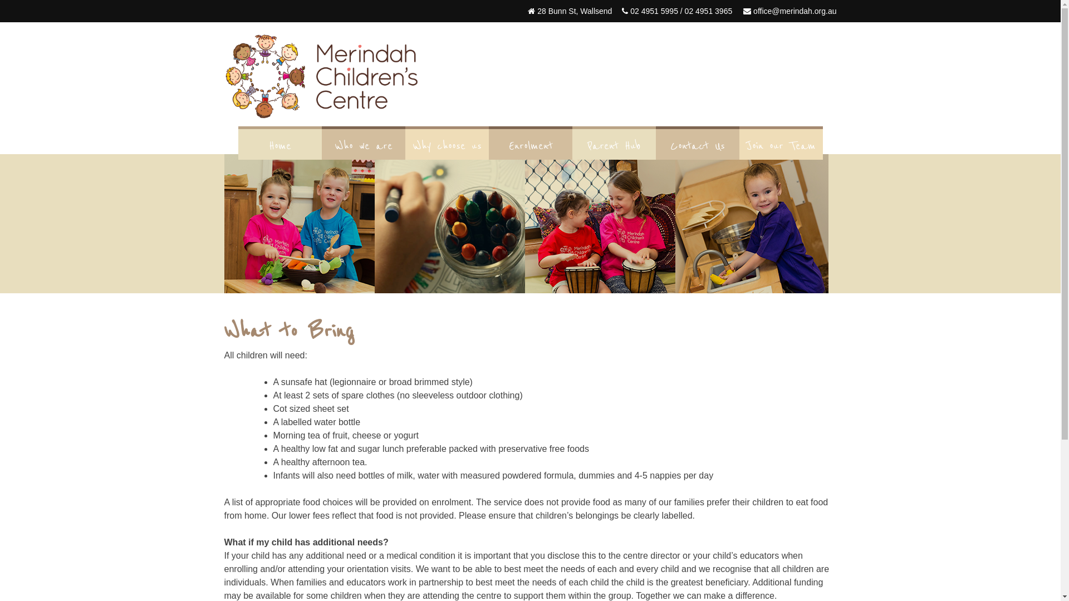 This screenshot has width=1069, height=601. Describe the element at coordinates (237, 145) in the screenshot. I see `'Home'` at that location.